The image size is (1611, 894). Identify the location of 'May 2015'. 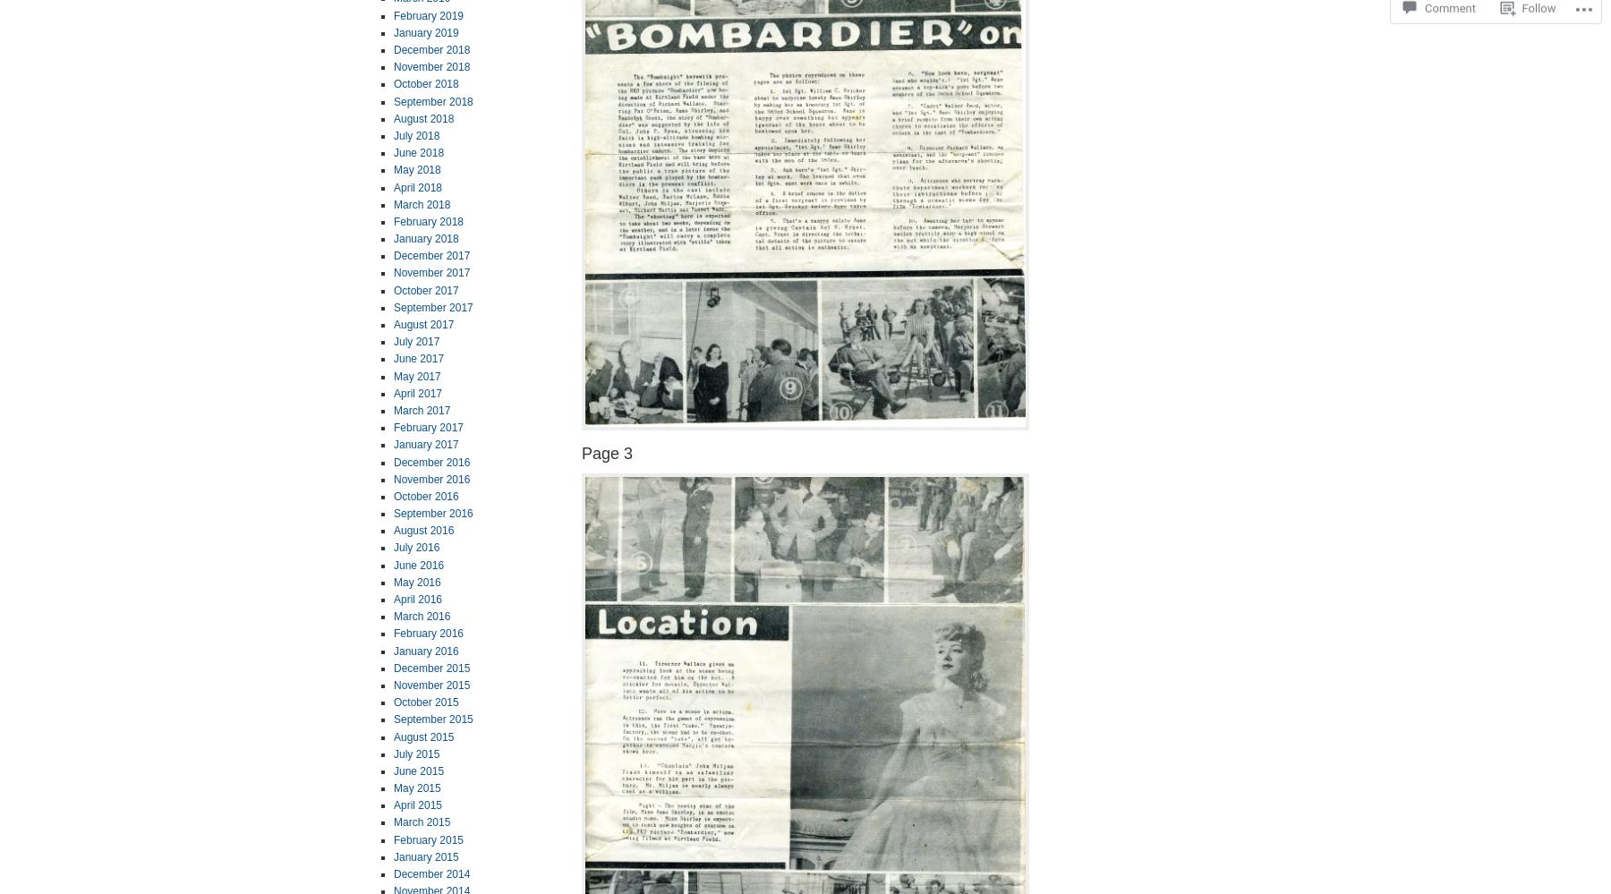
(416, 788).